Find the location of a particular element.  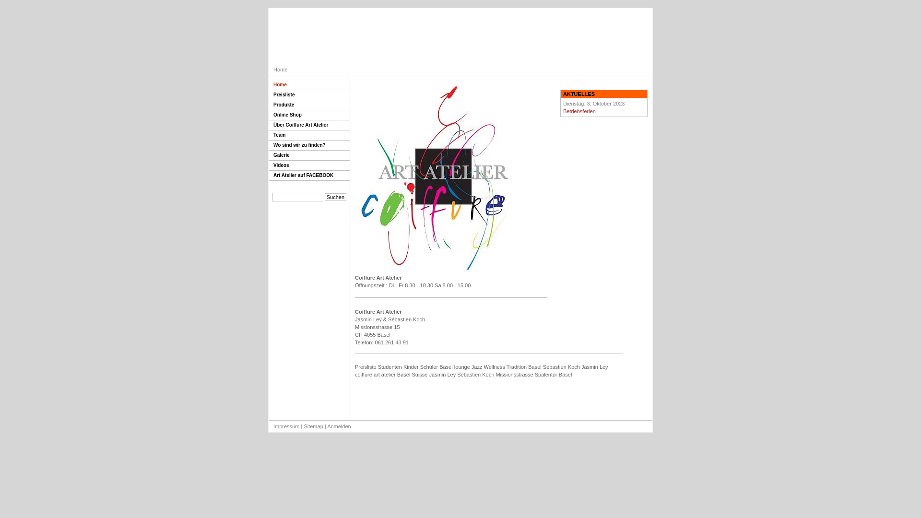

'Wo sind wir zu finden?' is located at coordinates (309, 145).